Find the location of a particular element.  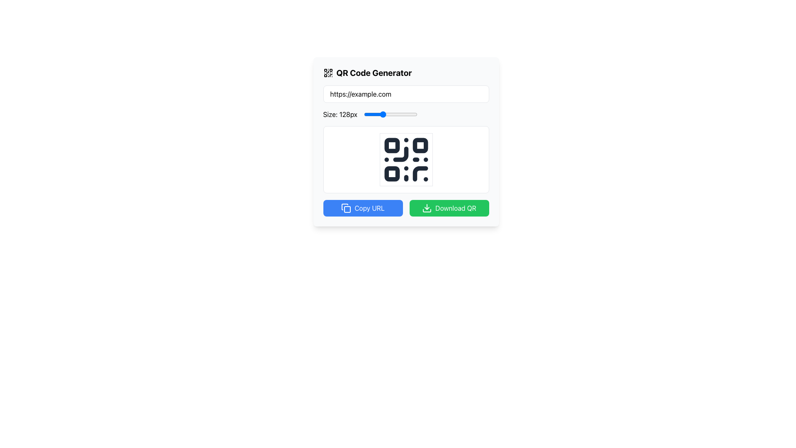

the QR code size is located at coordinates (405, 114).